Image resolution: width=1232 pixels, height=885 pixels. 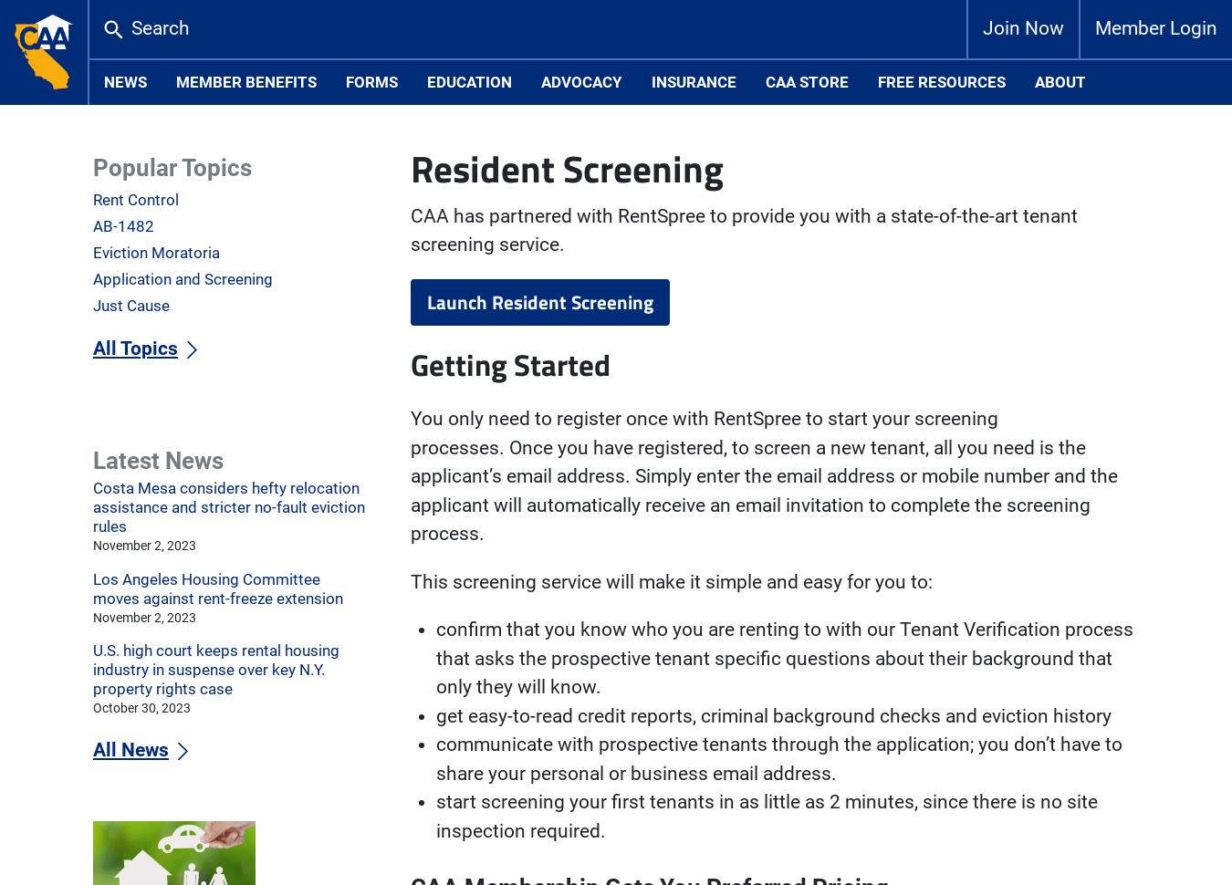 What do you see at coordinates (699, 141) in the screenshot?
I see `'Credit Report & Credit Score, including identity verification: $16.00'` at bounding box center [699, 141].